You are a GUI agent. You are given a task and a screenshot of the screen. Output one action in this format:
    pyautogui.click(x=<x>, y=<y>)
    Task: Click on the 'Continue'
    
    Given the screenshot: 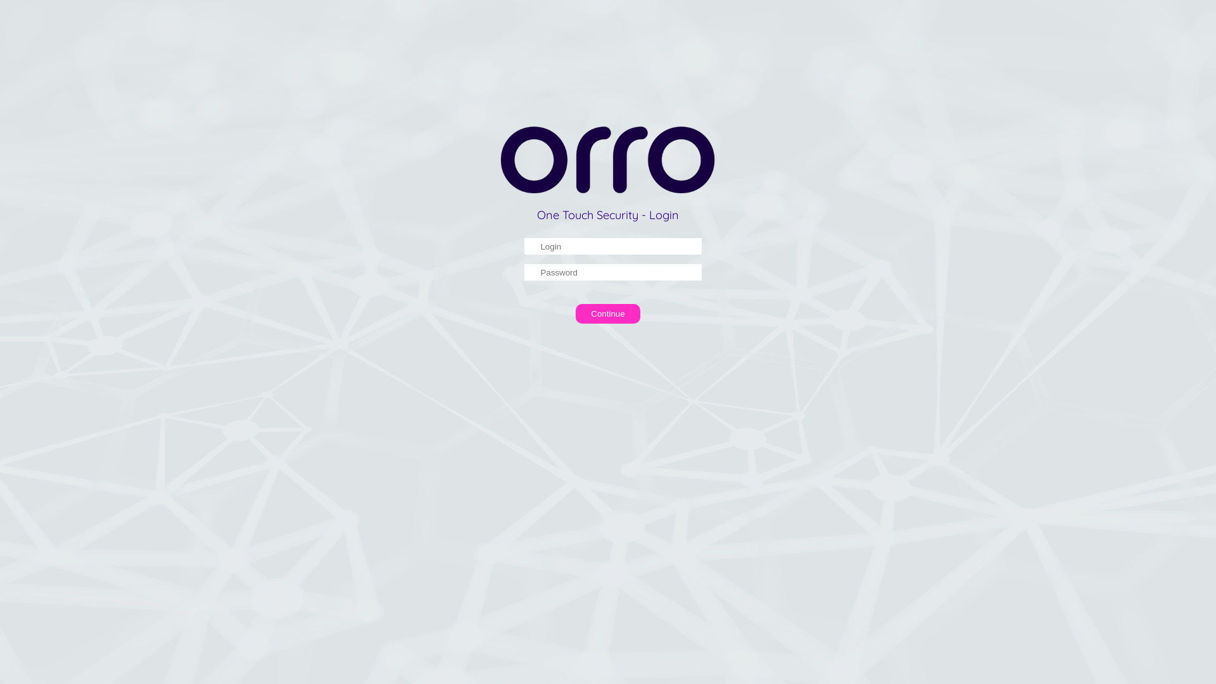 What is the action you would take?
    pyautogui.click(x=574, y=313)
    